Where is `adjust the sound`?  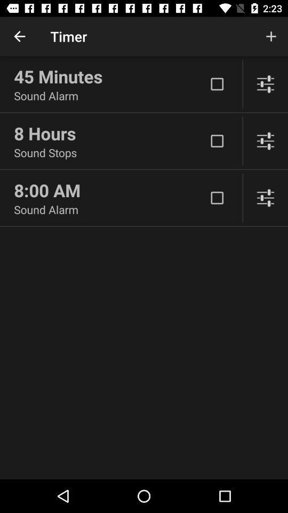 adjust the sound is located at coordinates (265, 141).